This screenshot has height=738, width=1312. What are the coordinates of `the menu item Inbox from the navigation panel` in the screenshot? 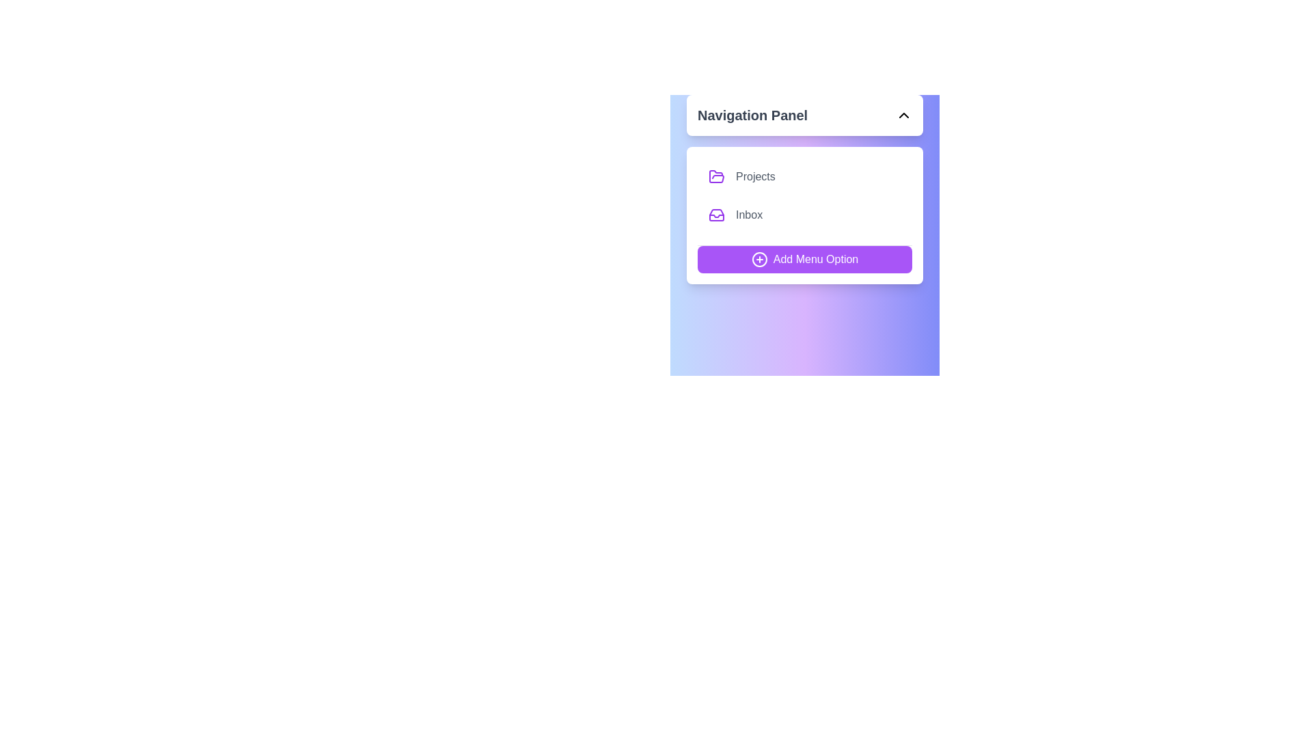 It's located at (804, 215).